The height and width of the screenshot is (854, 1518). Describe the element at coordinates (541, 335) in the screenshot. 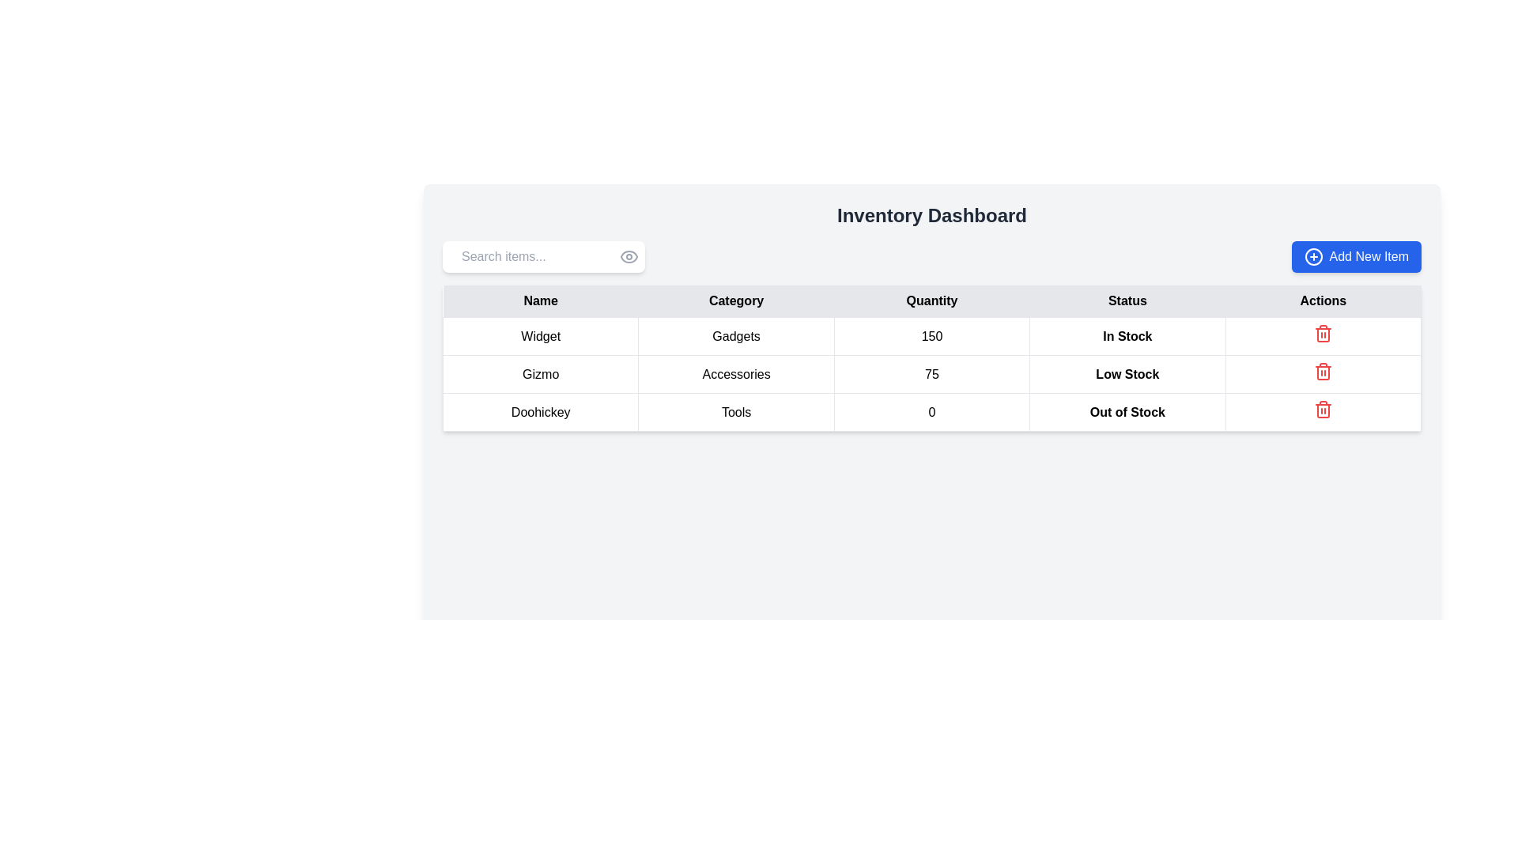

I see `the 'Widget' label in the first column of the first row under the 'Name' heading, which is styled with a simple border and padding` at that location.